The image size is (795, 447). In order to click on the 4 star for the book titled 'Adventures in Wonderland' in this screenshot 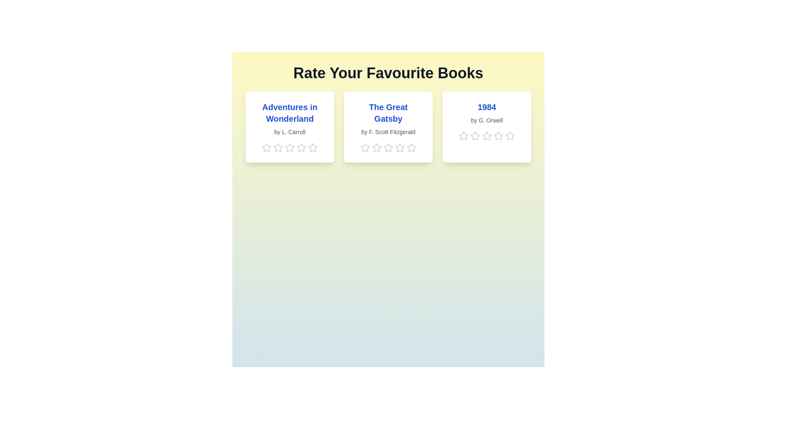, I will do `click(301, 147)`.